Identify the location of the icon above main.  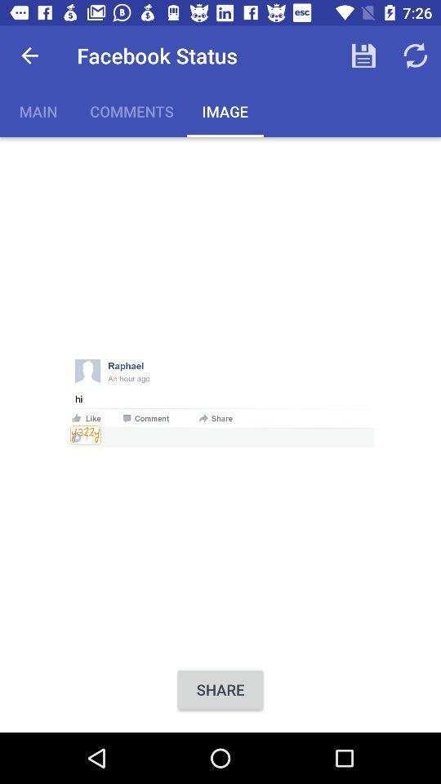
(29, 56).